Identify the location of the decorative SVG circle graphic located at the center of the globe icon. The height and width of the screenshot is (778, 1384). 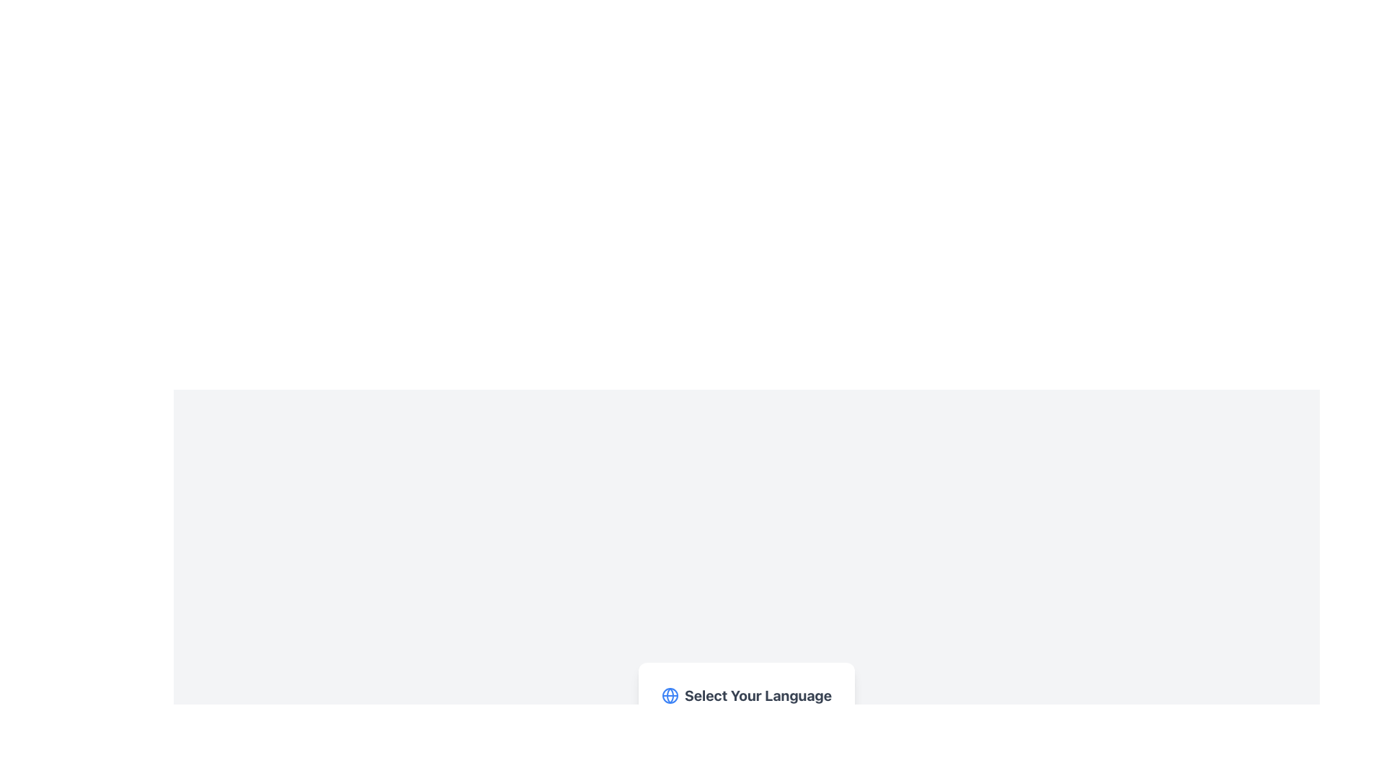
(669, 694).